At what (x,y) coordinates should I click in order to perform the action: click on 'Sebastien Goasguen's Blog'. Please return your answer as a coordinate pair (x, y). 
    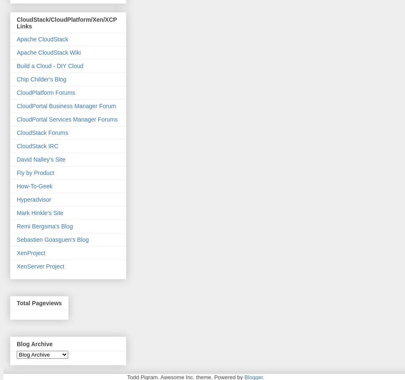
    Looking at the image, I should click on (52, 239).